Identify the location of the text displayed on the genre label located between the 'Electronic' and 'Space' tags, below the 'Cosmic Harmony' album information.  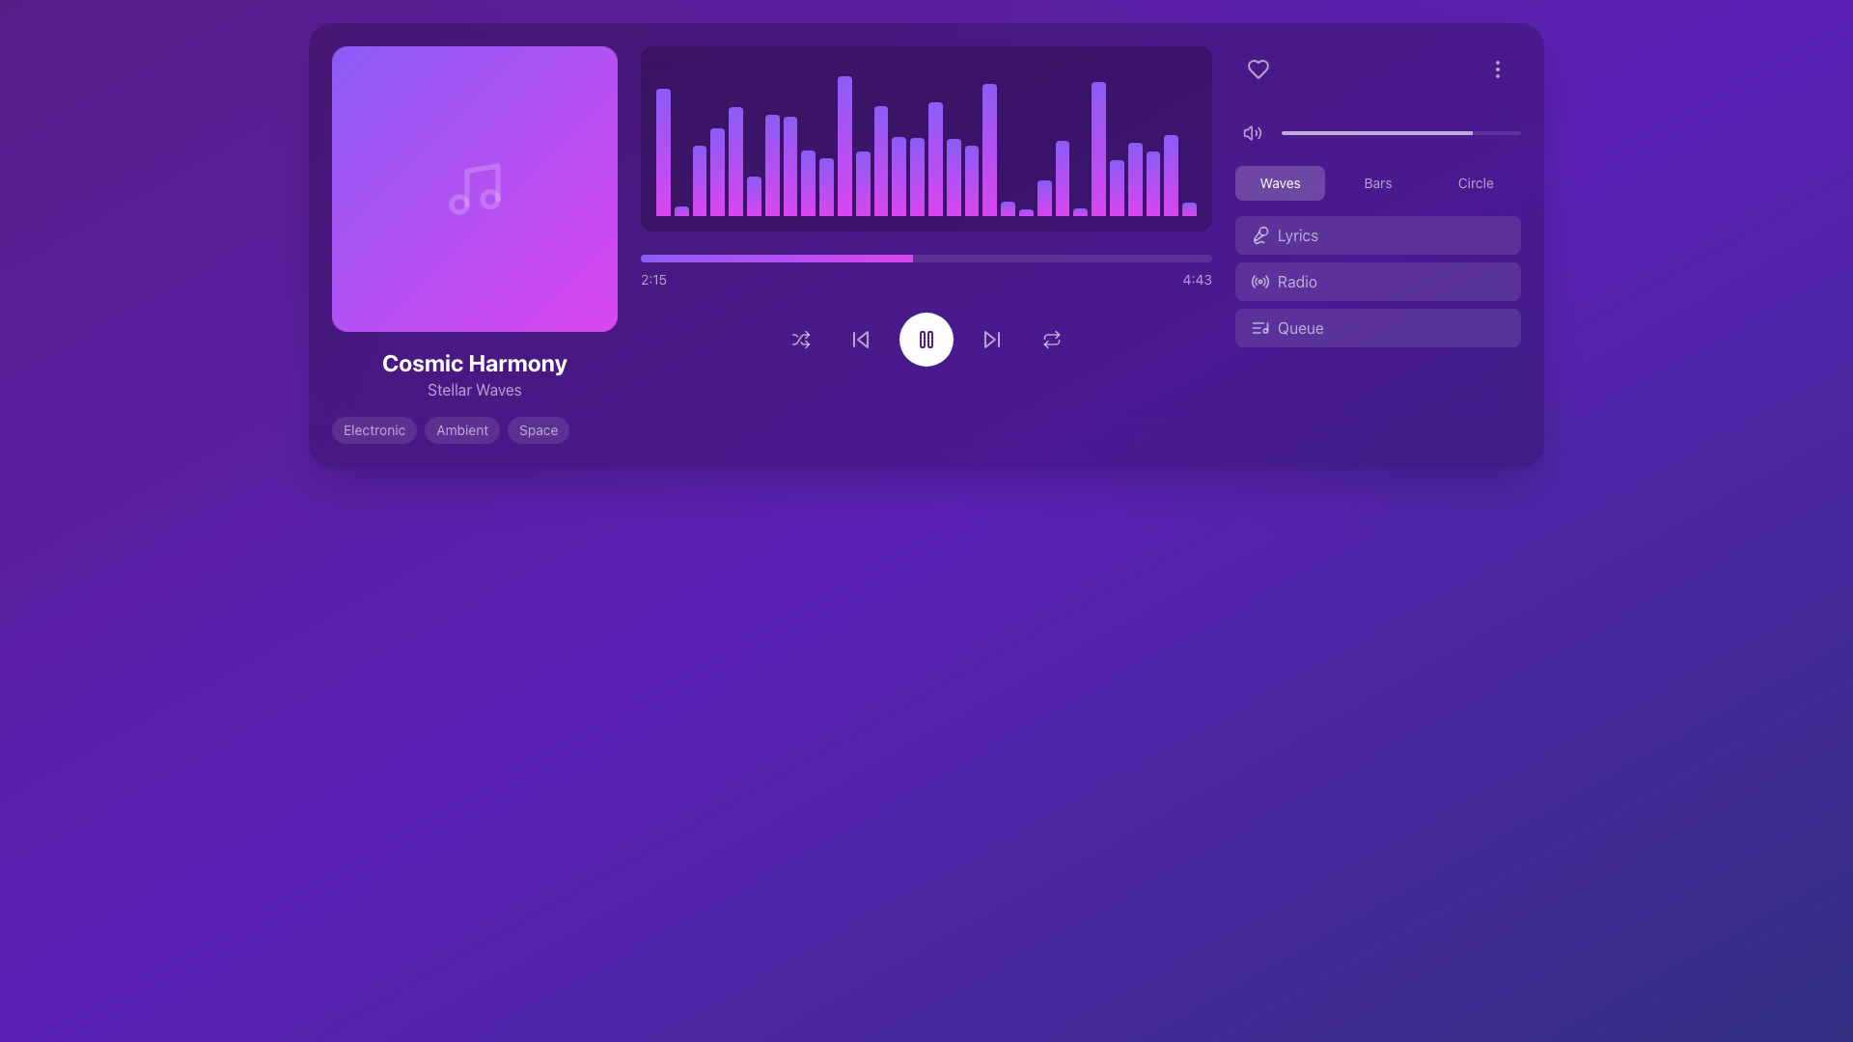
(461, 429).